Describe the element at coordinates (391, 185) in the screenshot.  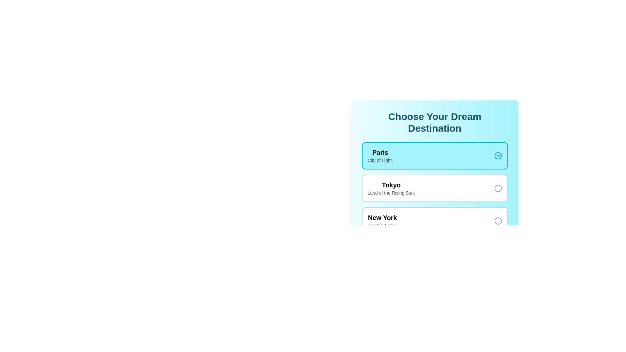
I see `the prominent label for the city 'Tokyo' in the selectable list of destinations` at that location.